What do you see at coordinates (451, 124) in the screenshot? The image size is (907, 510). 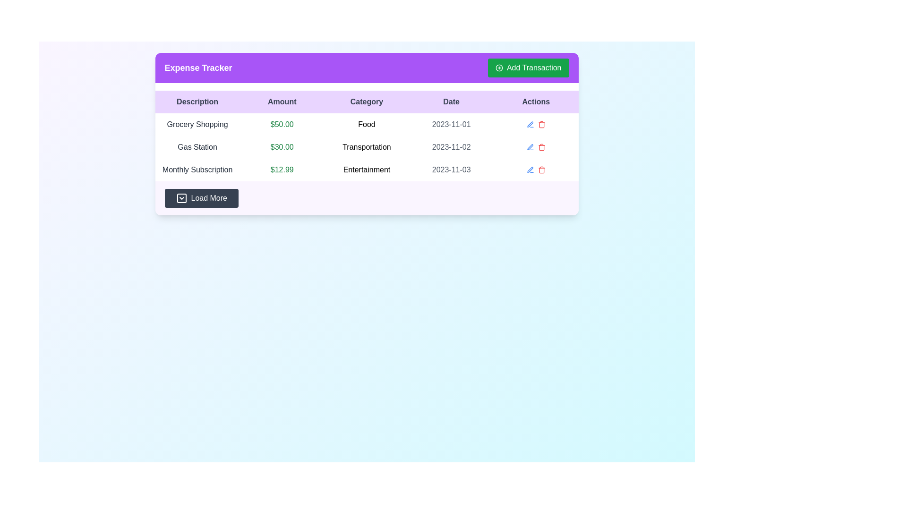 I see `the text label displaying the date information for the 'Grocery Shopping' entry in the table` at bounding box center [451, 124].